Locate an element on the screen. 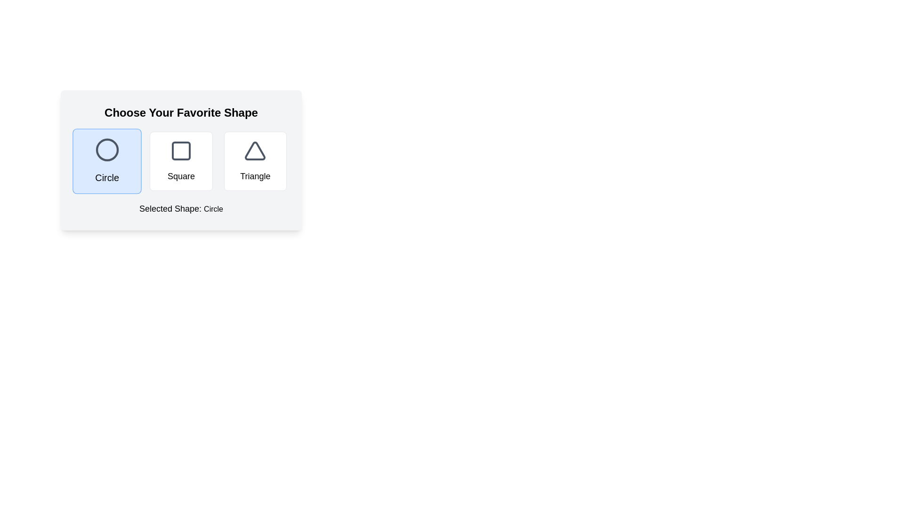 Image resolution: width=904 pixels, height=508 pixels. the triangular icon with a rounded border in gray, which is the third icon within the button group labeled 'Triangle' is located at coordinates (255, 150).